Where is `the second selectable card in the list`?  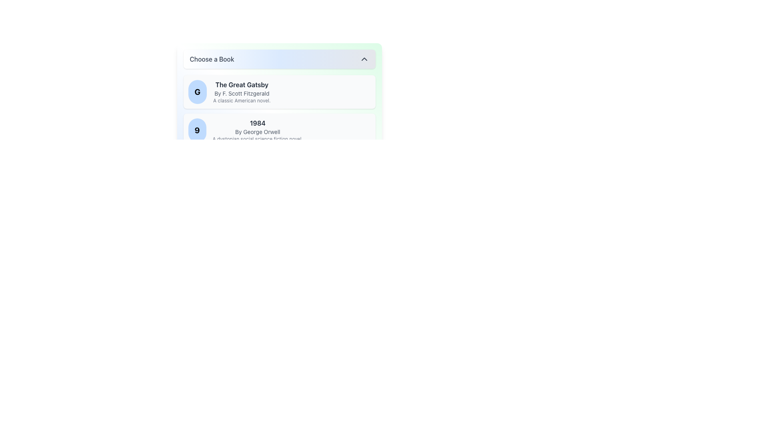 the second selectable card in the list is located at coordinates (279, 130).